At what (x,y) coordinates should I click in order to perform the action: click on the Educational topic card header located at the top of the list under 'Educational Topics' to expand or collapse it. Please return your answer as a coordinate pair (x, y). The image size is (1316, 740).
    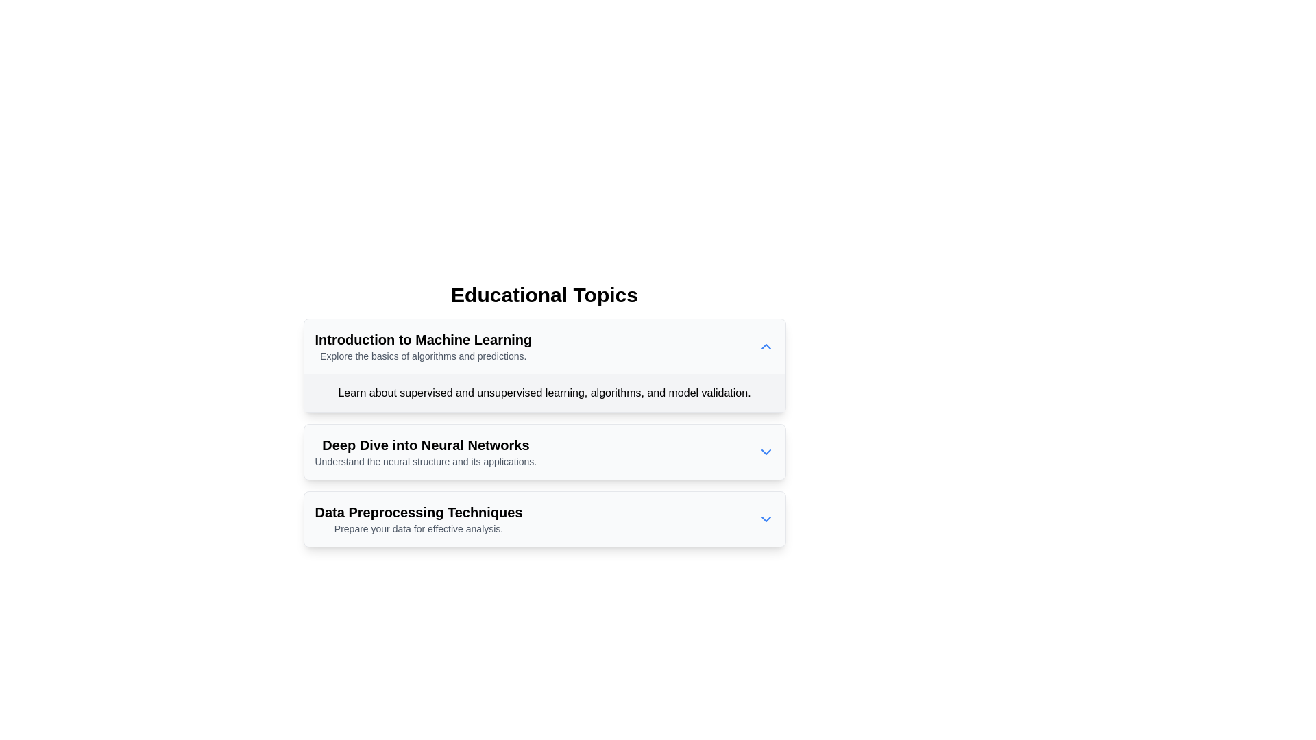
    Looking at the image, I should click on (422, 345).